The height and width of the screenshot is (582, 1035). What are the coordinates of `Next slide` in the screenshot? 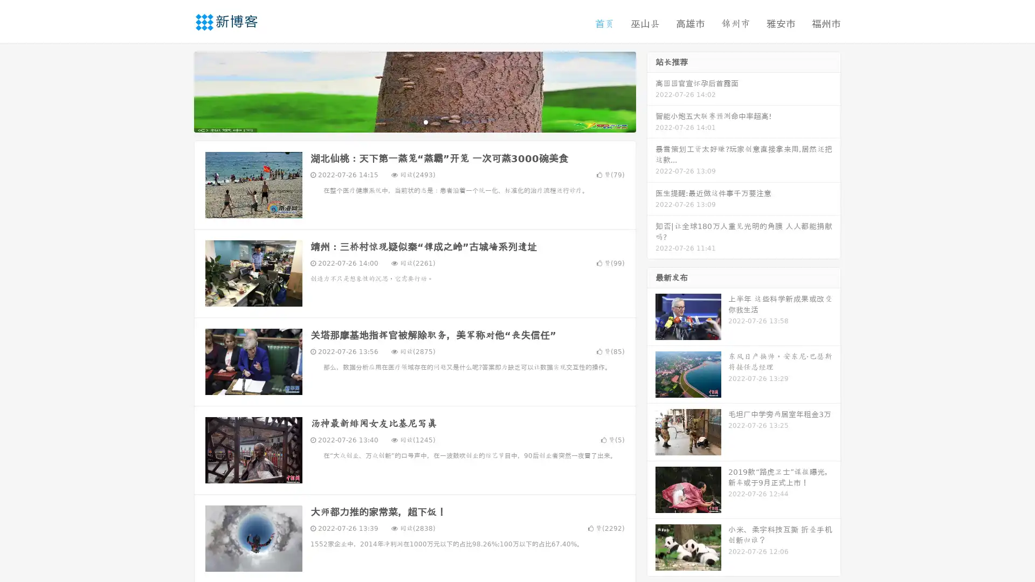 It's located at (651, 91).